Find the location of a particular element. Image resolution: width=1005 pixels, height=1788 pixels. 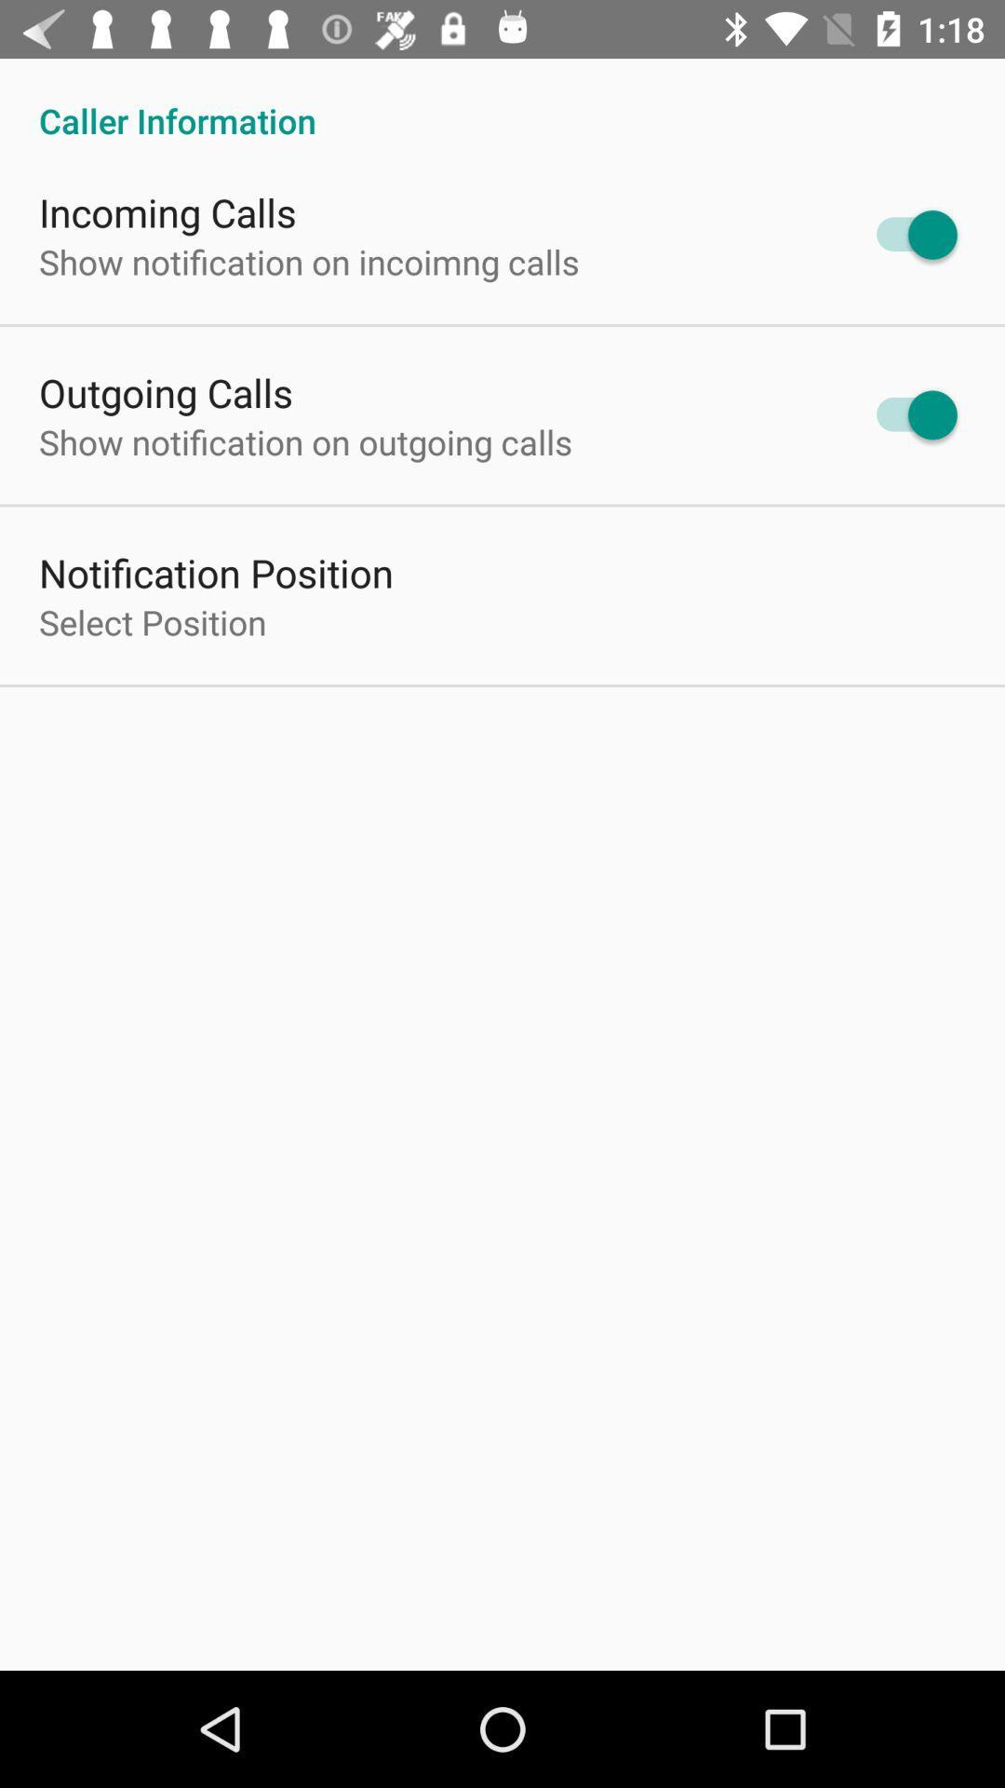

item below the caller information app is located at coordinates (167, 212).